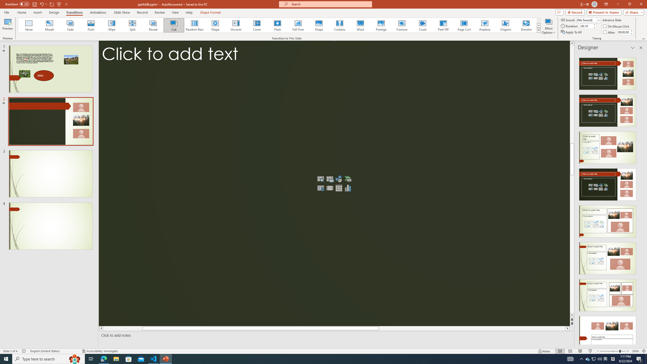 This screenshot has height=364, width=647. I want to click on 'On Mouse Click', so click(616, 26).